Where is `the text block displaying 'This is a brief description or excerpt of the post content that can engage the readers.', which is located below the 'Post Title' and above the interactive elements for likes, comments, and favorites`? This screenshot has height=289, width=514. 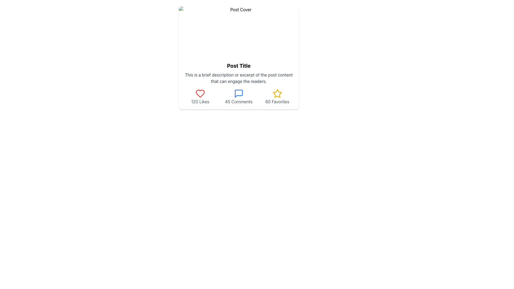 the text block displaying 'This is a brief description or excerpt of the post content that can engage the readers.', which is located below the 'Post Title' and above the interactive elements for likes, comments, and favorites is located at coordinates (239, 78).